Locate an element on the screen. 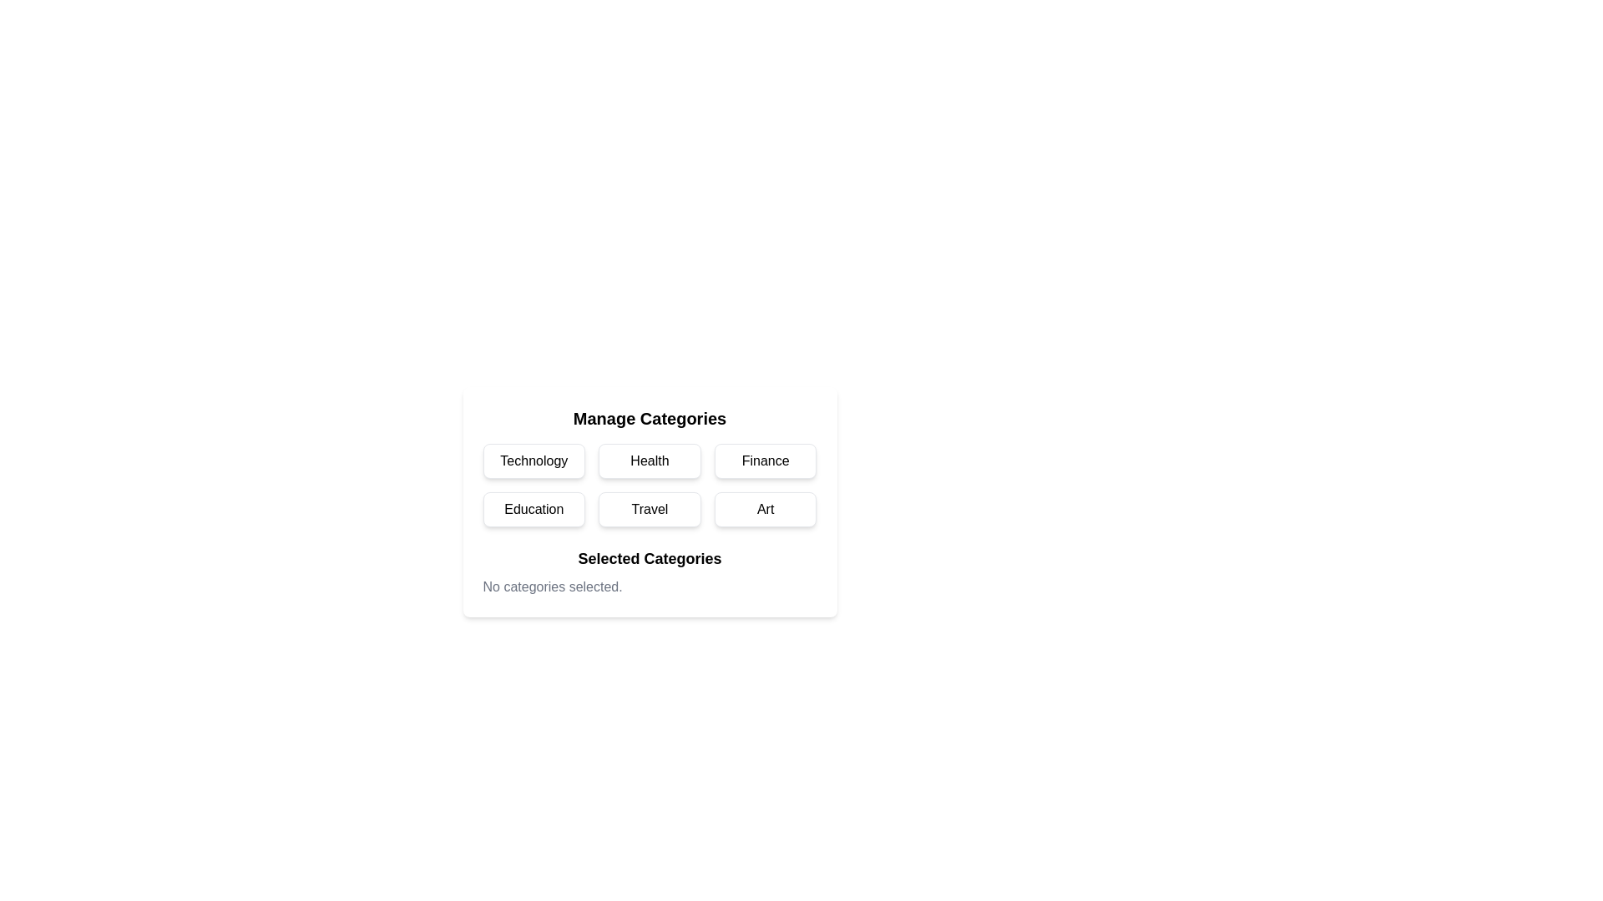  the 'Finance' button, which is a rectangular button with a white background and labeled in black text, to trigger visual feedback is located at coordinates (765, 461).